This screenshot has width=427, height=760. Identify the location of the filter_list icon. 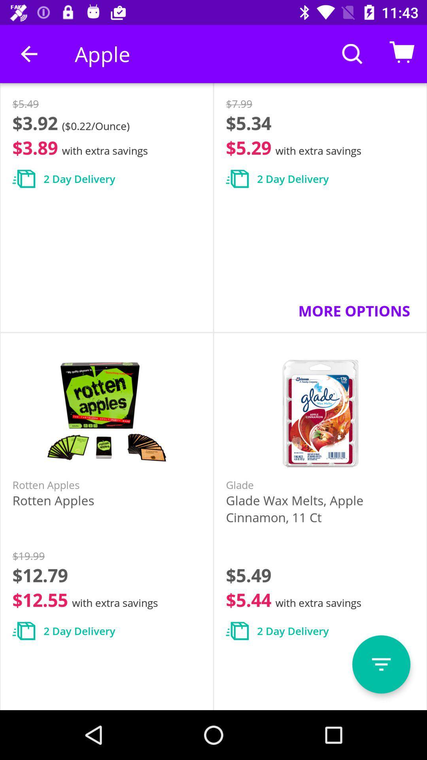
(381, 664).